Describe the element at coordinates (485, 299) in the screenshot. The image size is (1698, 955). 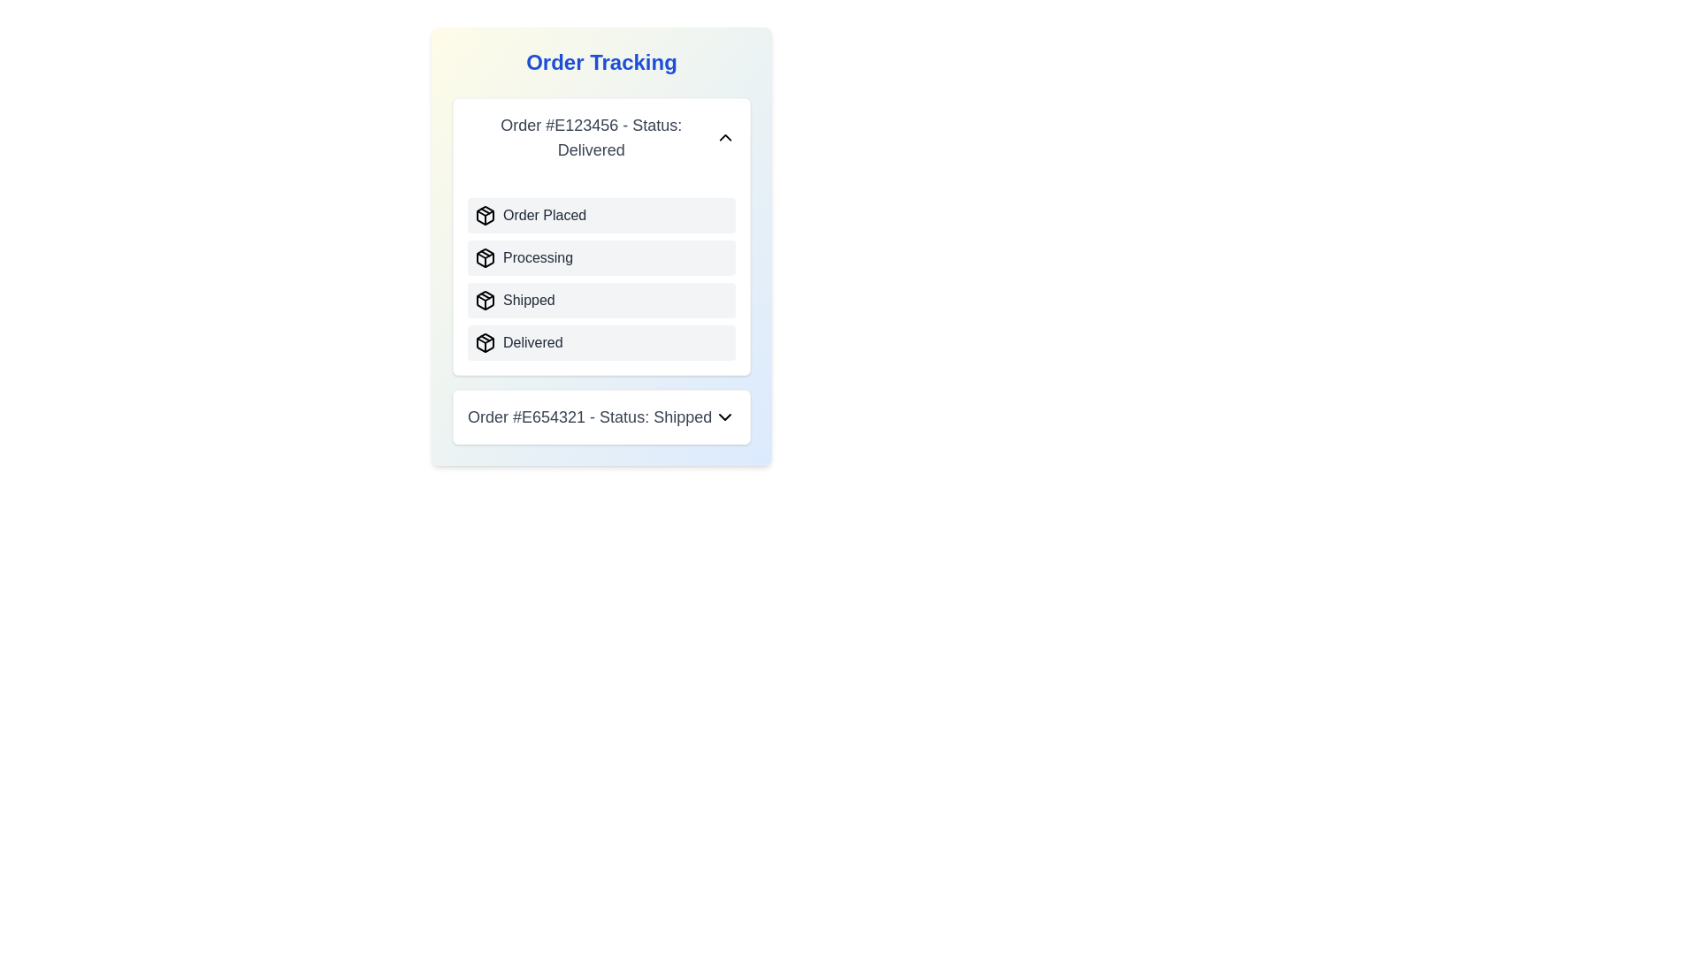
I see `the stage Shipped in the order timeline` at that location.